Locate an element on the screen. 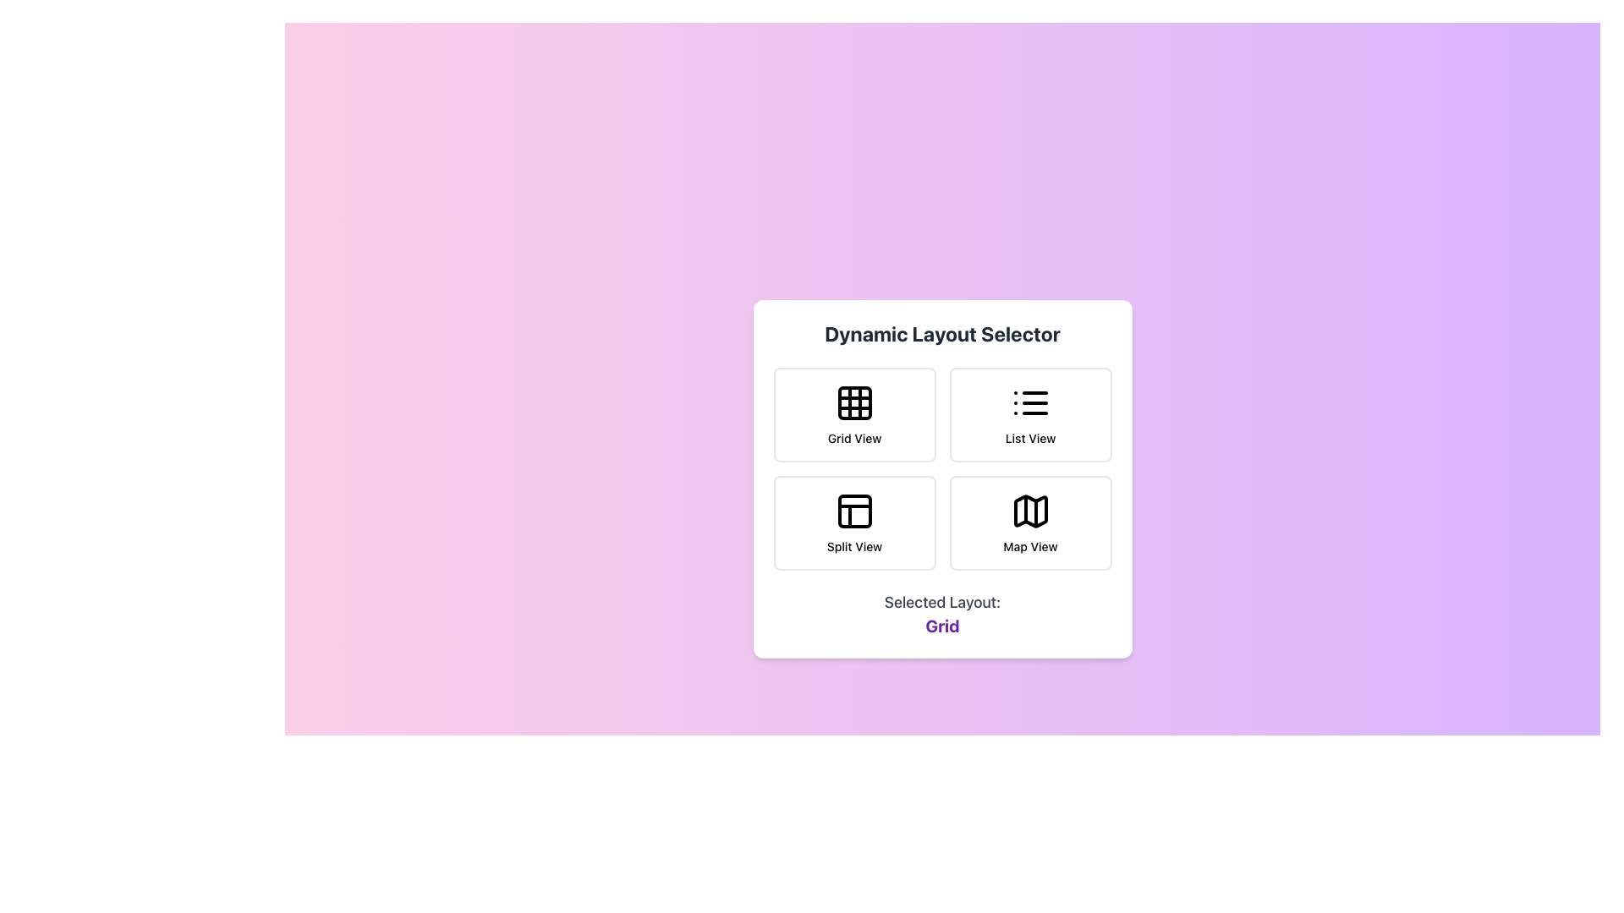 Image resolution: width=1624 pixels, height=913 pixels. the 'Grid View' button is located at coordinates (854, 414).